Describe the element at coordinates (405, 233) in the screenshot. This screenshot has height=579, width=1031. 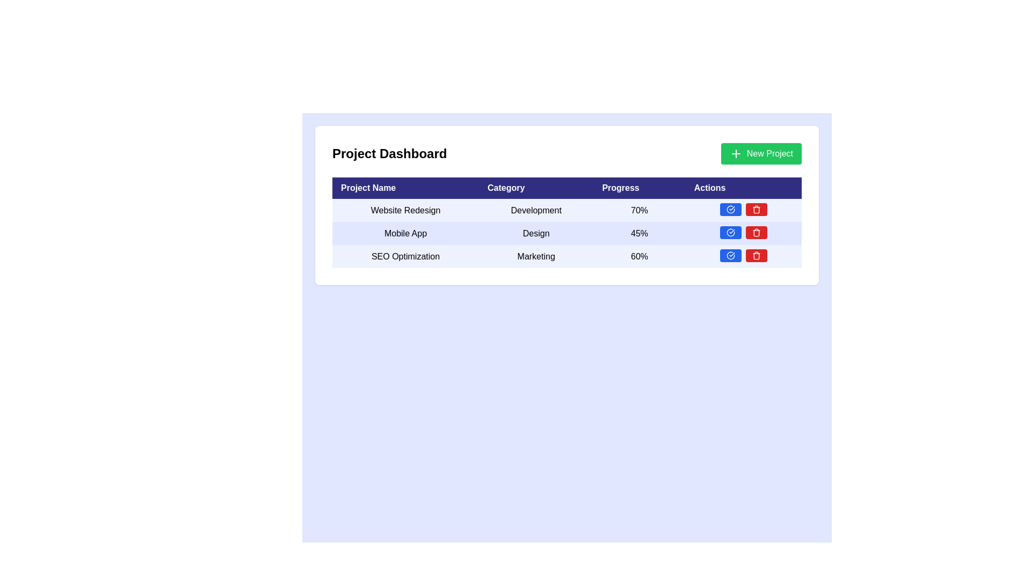
I see `the non-interactive text label displaying the project name 'Mobile App', which is located in the second row of the table under the 'Project Name' column` at that location.